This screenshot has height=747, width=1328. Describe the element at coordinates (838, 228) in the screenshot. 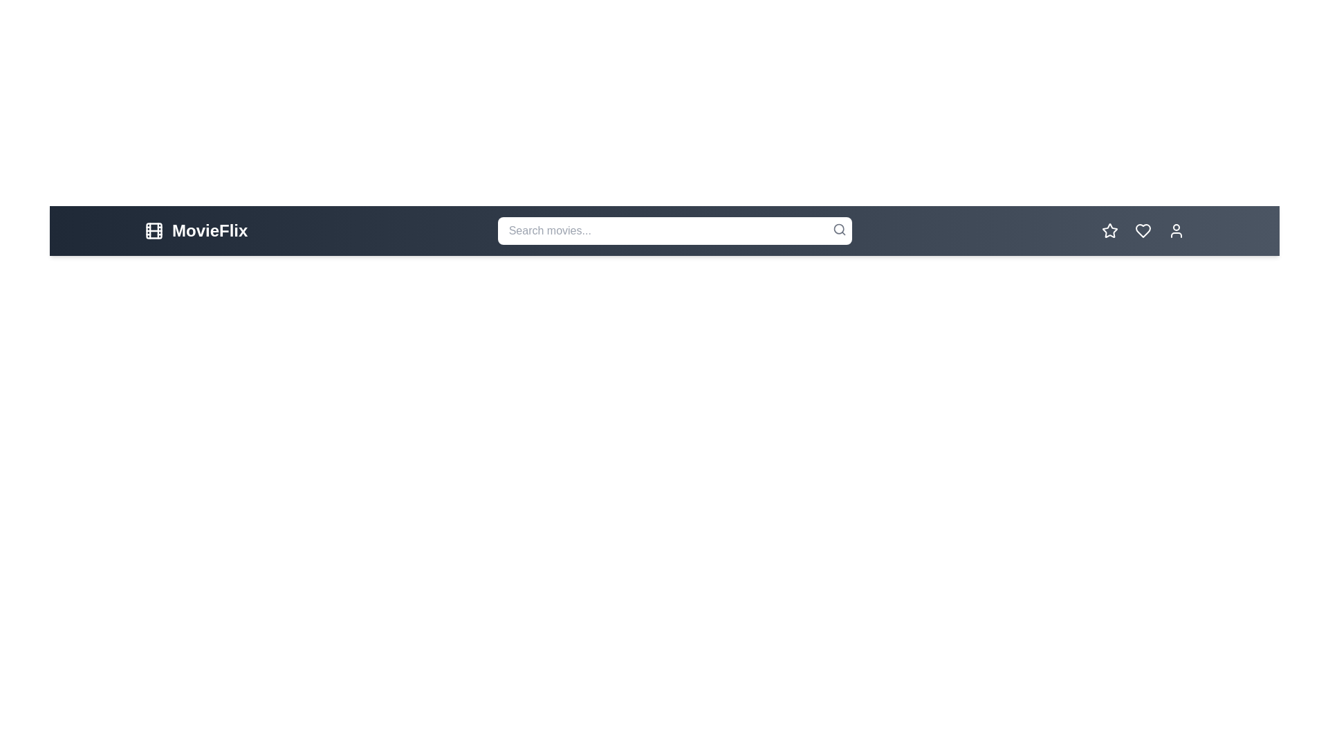

I see `the search icon located at the right of the search bar` at that location.